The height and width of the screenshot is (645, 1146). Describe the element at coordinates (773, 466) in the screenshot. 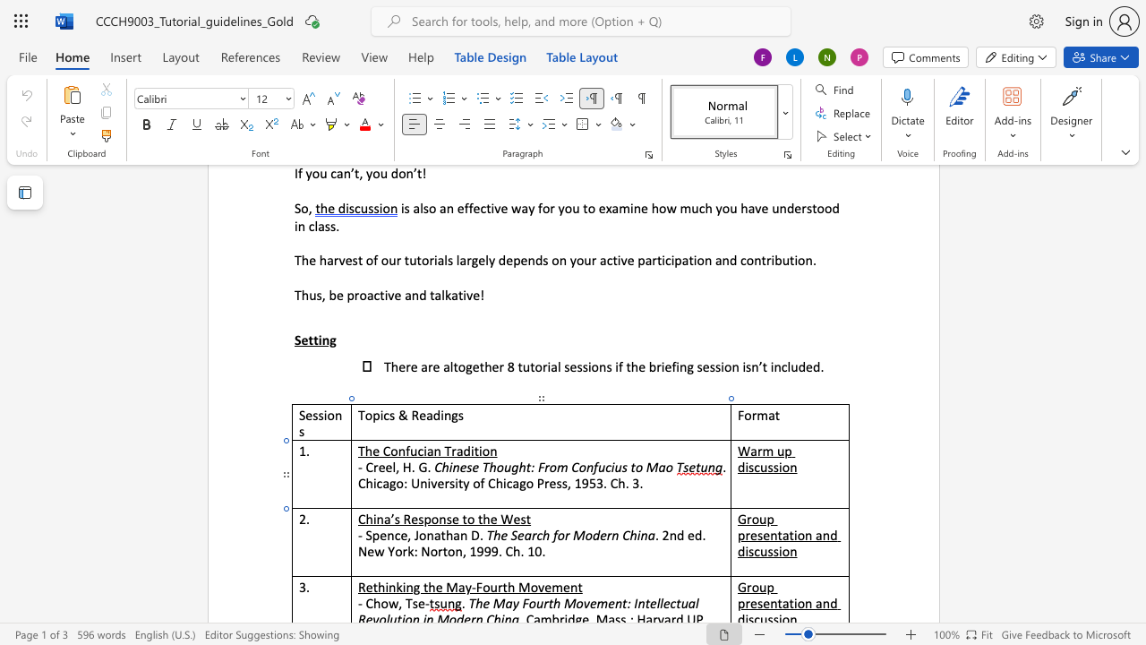

I see `the space between the continuous character "s" and "s" in the text` at that location.